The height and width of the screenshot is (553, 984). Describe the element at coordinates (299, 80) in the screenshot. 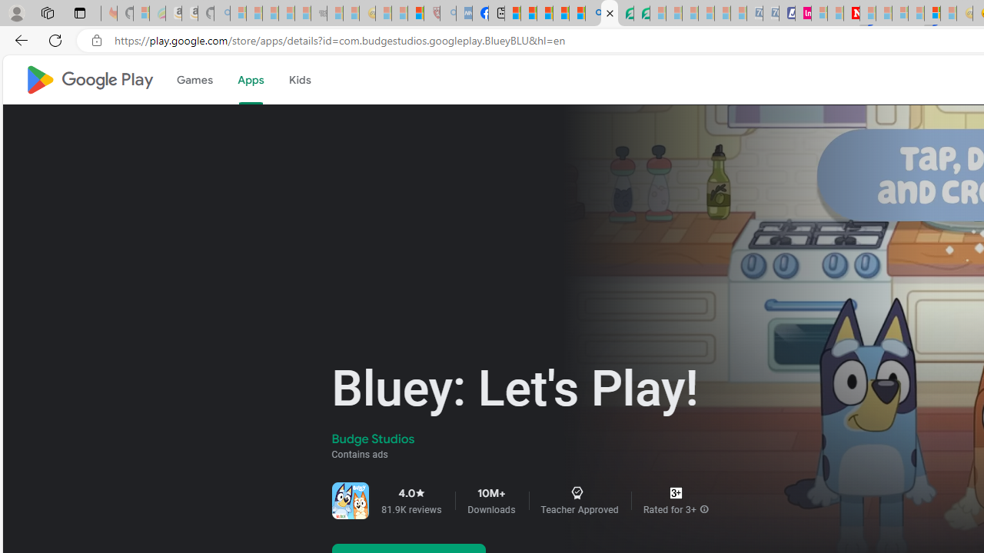

I see `'Kids'` at that location.